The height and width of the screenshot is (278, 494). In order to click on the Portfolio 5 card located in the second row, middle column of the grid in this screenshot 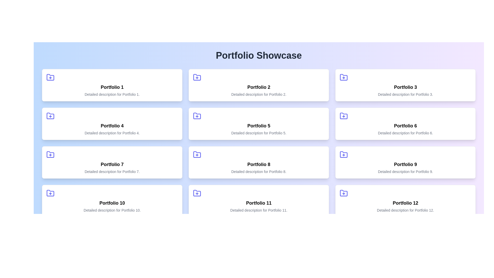, I will do `click(259, 124)`.